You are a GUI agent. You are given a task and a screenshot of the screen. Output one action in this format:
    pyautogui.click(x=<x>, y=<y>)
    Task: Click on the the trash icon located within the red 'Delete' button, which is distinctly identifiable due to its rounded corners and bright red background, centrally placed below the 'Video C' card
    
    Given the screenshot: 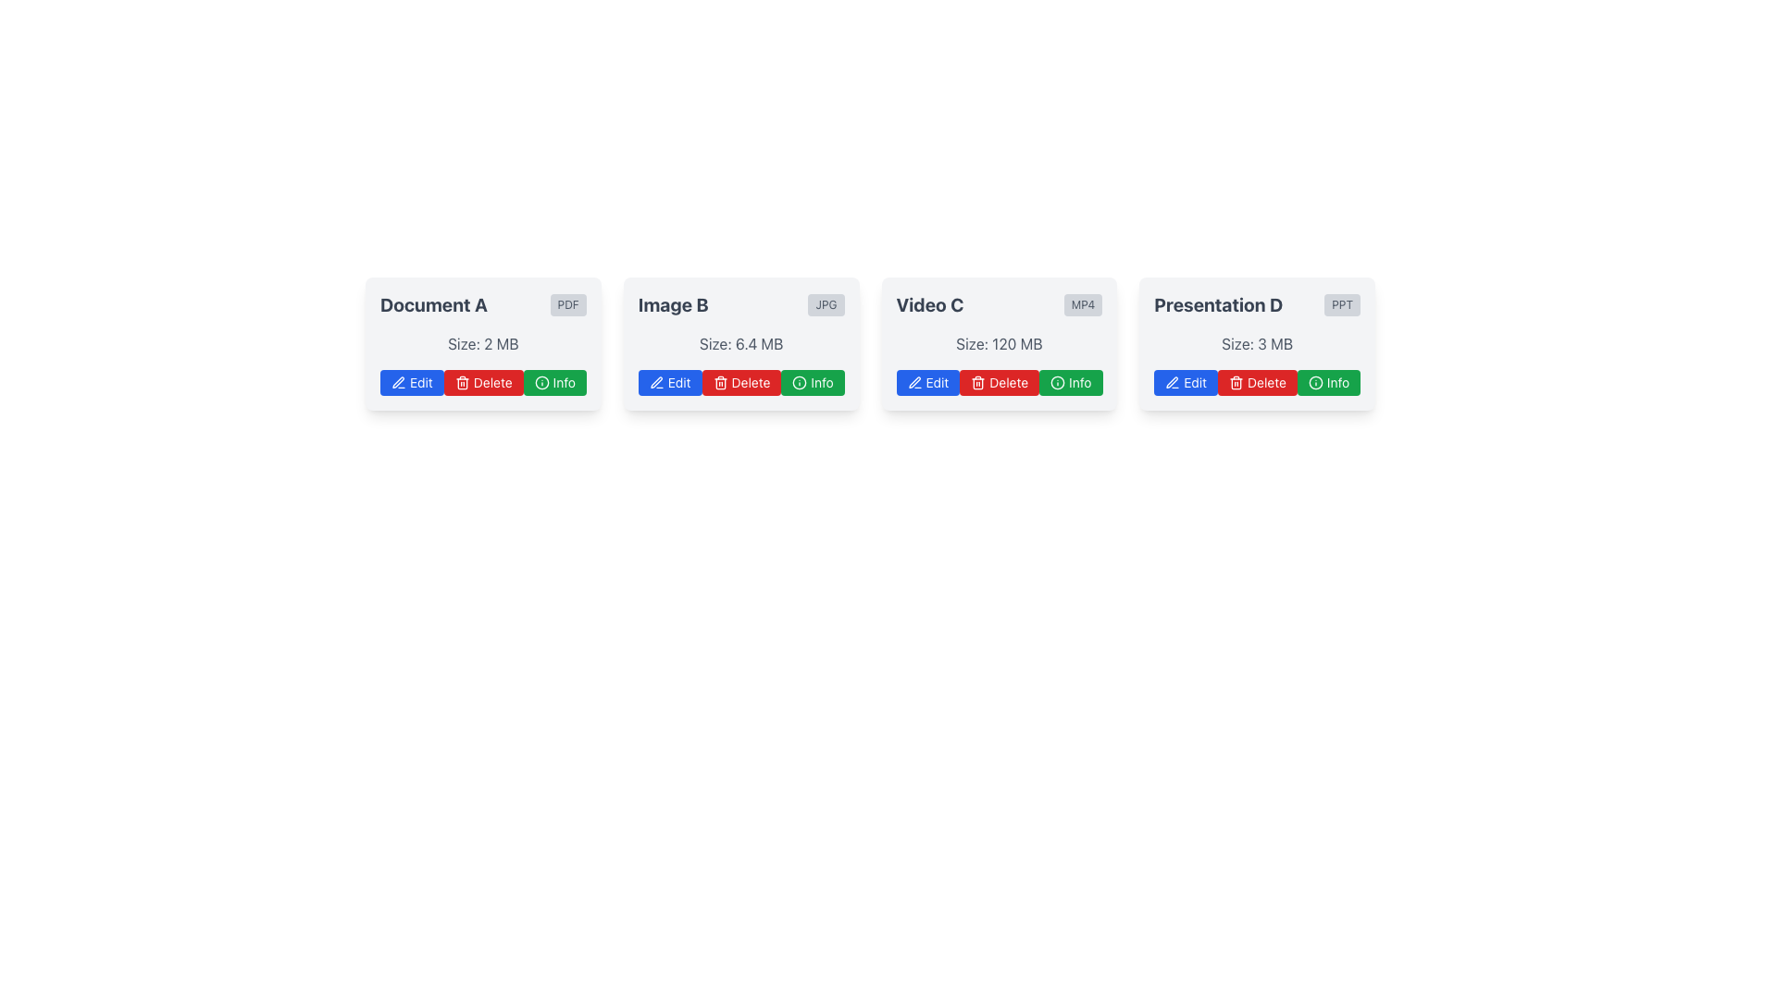 What is the action you would take?
    pyautogui.click(x=1236, y=381)
    